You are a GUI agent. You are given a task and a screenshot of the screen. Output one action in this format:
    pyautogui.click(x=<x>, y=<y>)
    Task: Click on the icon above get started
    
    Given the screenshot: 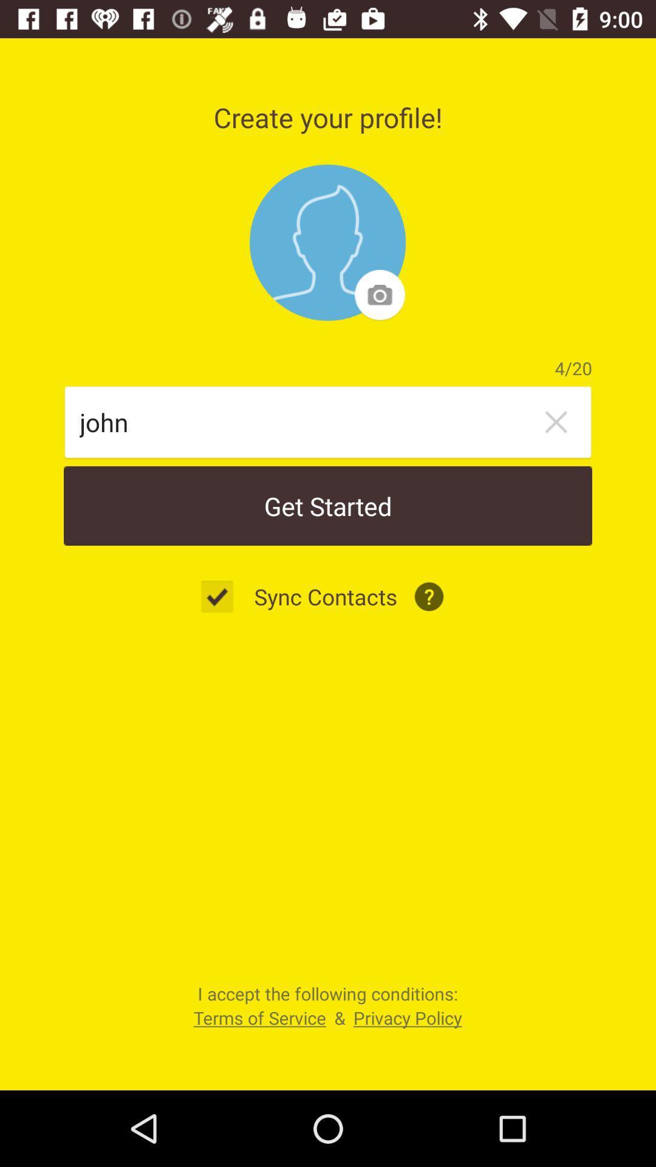 What is the action you would take?
    pyautogui.click(x=307, y=422)
    